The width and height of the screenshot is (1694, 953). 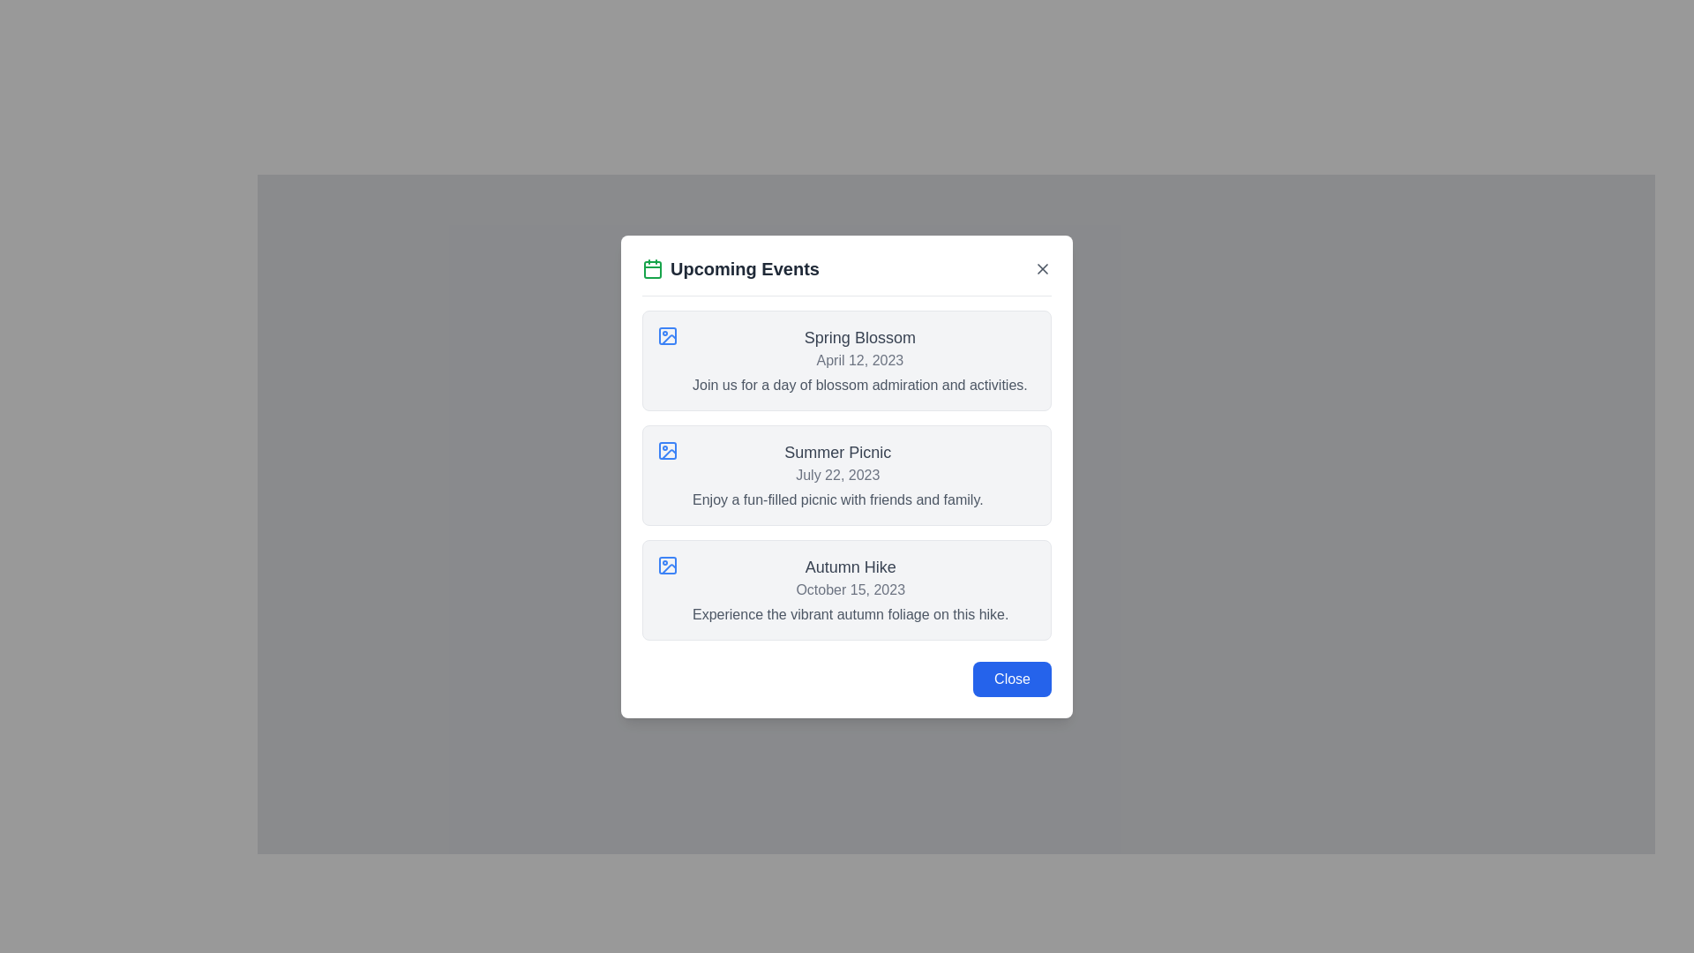 What do you see at coordinates (859, 359) in the screenshot?
I see `the informational text element that displays the date of the associated event, positioned below the title 'Spring Blossom' and above the description text` at bounding box center [859, 359].